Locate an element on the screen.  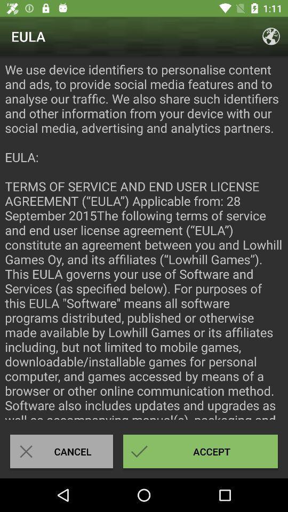
icon at the top right corner is located at coordinates (271, 36).